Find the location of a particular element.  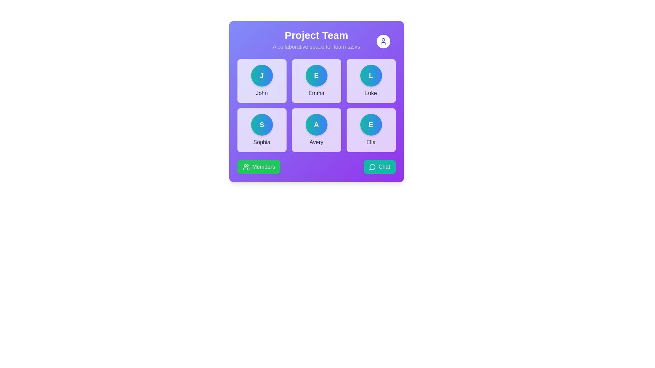

the circular avatar icon featuring a bold white 'L' at its center is located at coordinates (370, 76).